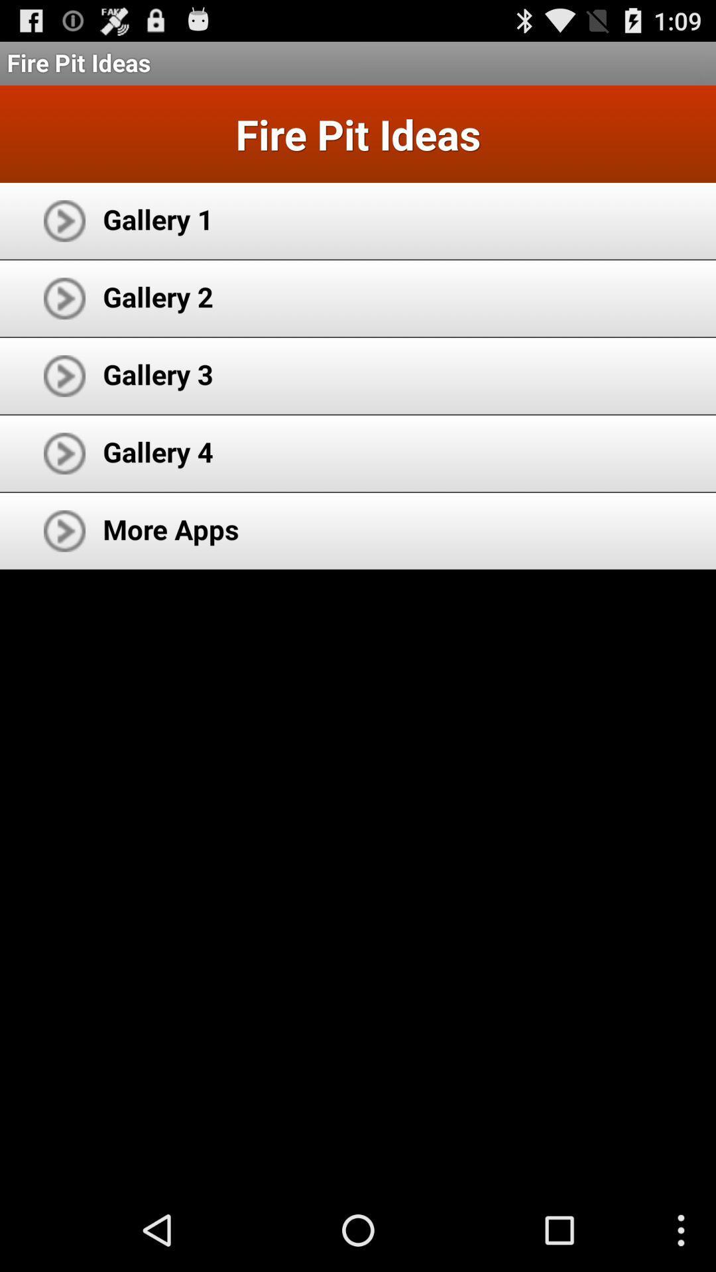 This screenshot has width=716, height=1272. Describe the element at coordinates (157, 295) in the screenshot. I see `app below the gallery 1 item` at that location.